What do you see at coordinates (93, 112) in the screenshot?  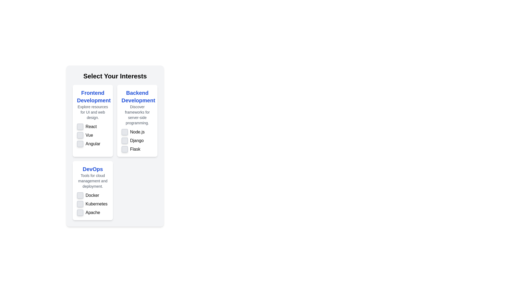 I see `the static text providing additional descriptive information located beneath the title 'Frontend Development' in the leftmost card` at bounding box center [93, 112].